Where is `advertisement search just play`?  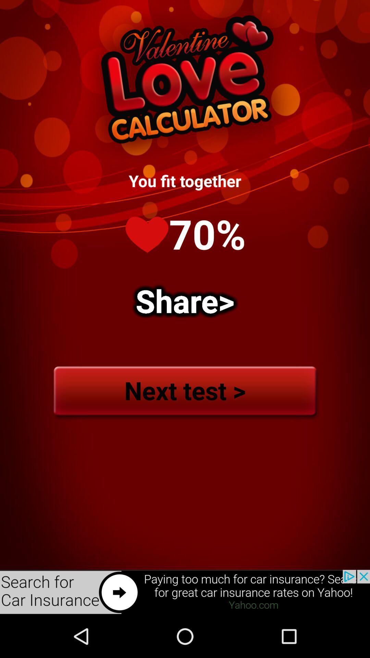
advertisement search just play is located at coordinates (185, 592).